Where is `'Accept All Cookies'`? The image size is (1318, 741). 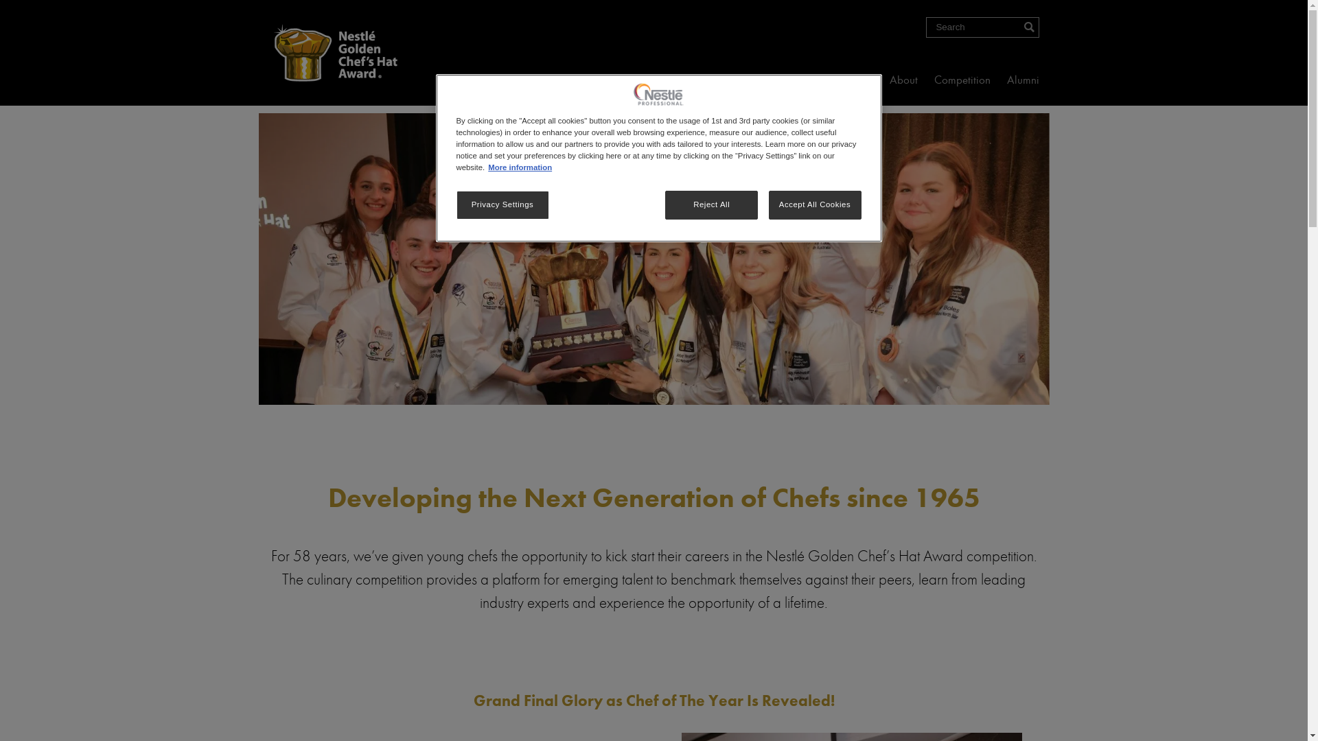 'Accept All Cookies' is located at coordinates (815, 205).